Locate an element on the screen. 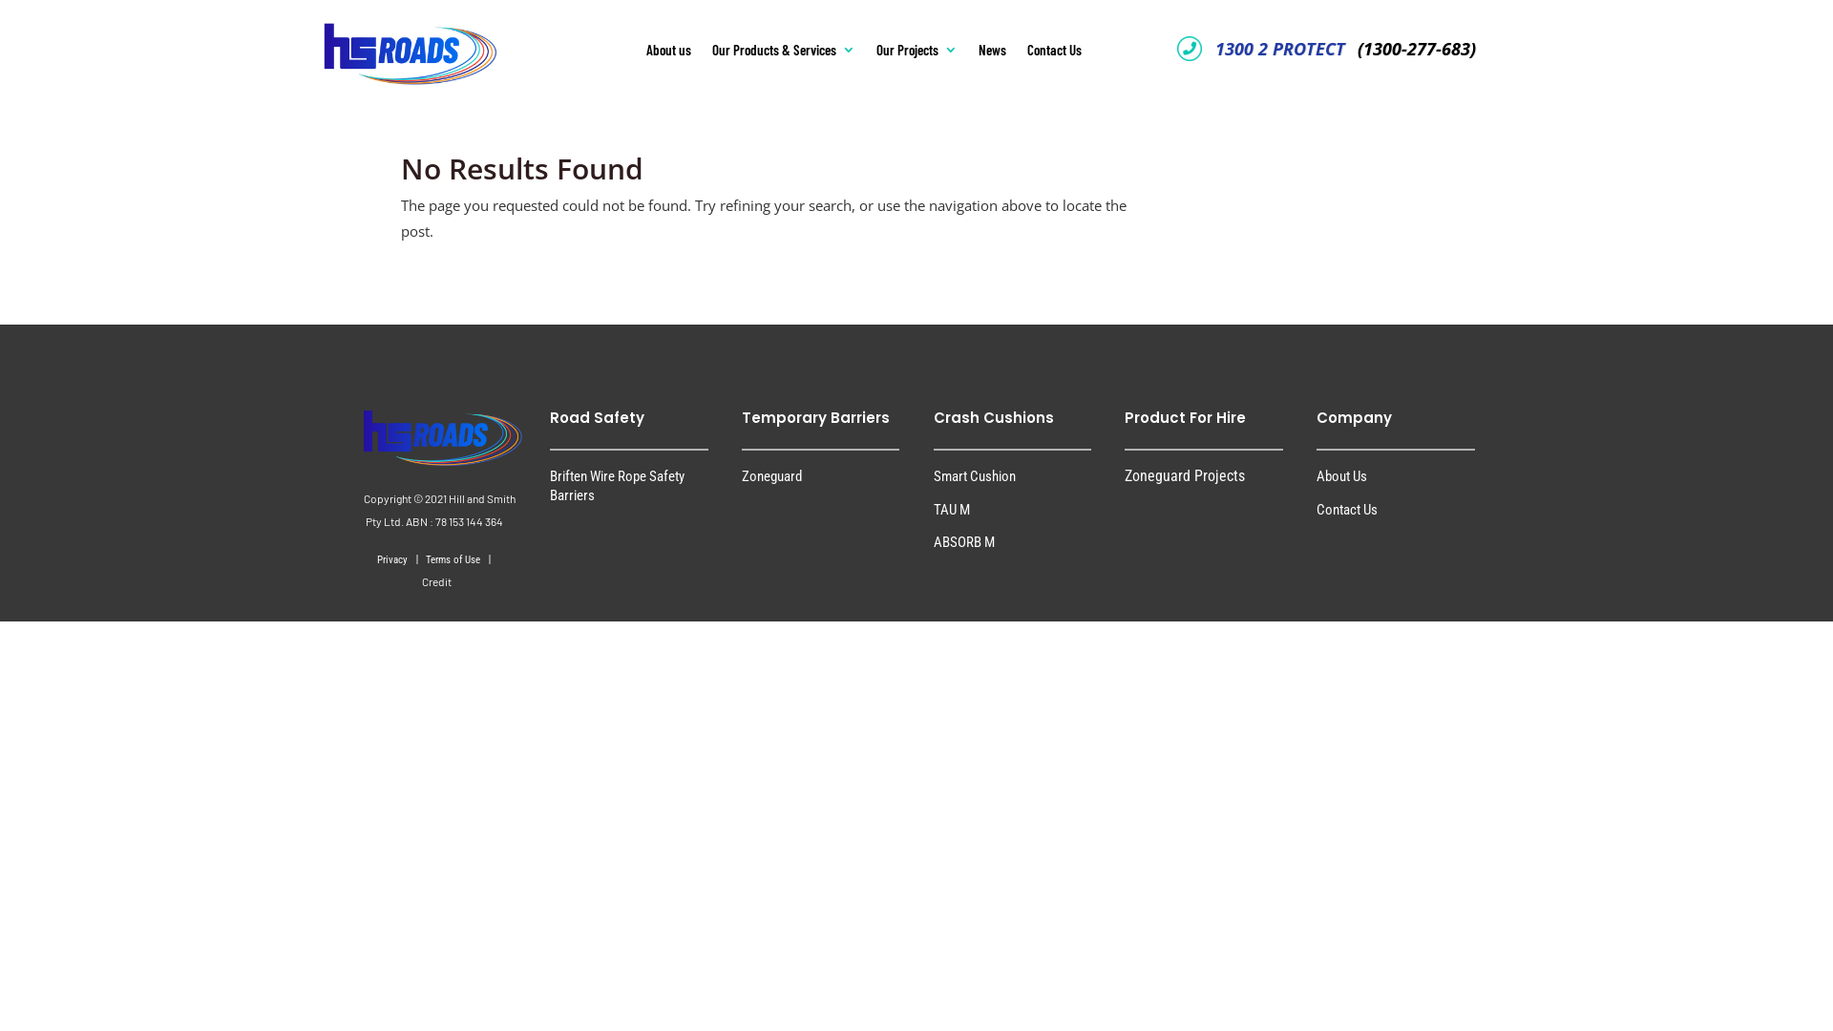 Image resolution: width=1833 pixels, height=1031 pixels. 'logo' is located at coordinates (376, 42).